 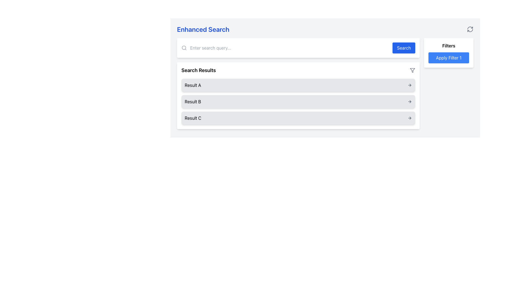 What do you see at coordinates (410, 85) in the screenshot?
I see `the navigation icon located at the far-right inside the panel labeled 'Result A', below the search bar in the 'Search Results' section` at bounding box center [410, 85].